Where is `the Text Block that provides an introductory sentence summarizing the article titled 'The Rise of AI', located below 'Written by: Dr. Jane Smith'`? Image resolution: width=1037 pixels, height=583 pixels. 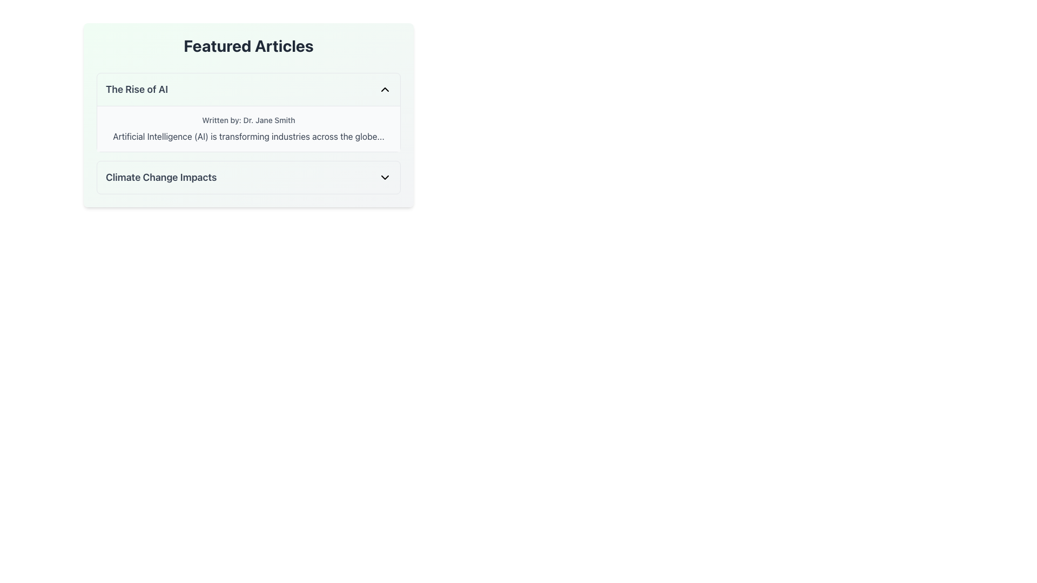
the Text Block that provides an introductory sentence summarizing the article titled 'The Rise of AI', located below 'Written by: Dr. Jane Smith' is located at coordinates (248, 136).